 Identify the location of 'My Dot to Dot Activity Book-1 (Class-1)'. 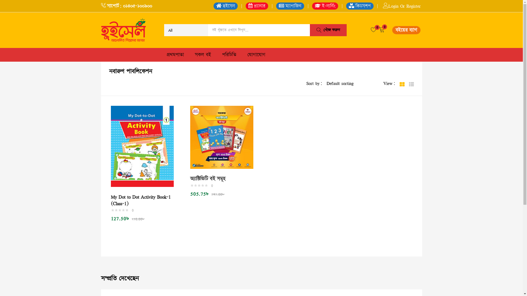
(141, 200).